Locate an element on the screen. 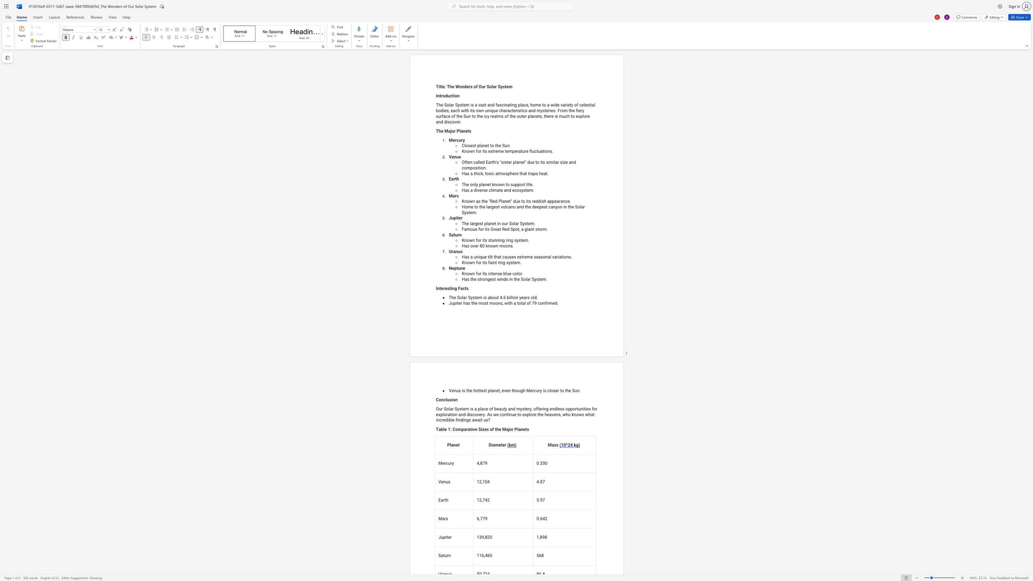  the subset text "due to its reddis" within the text "Known as the" is located at coordinates (513, 201).